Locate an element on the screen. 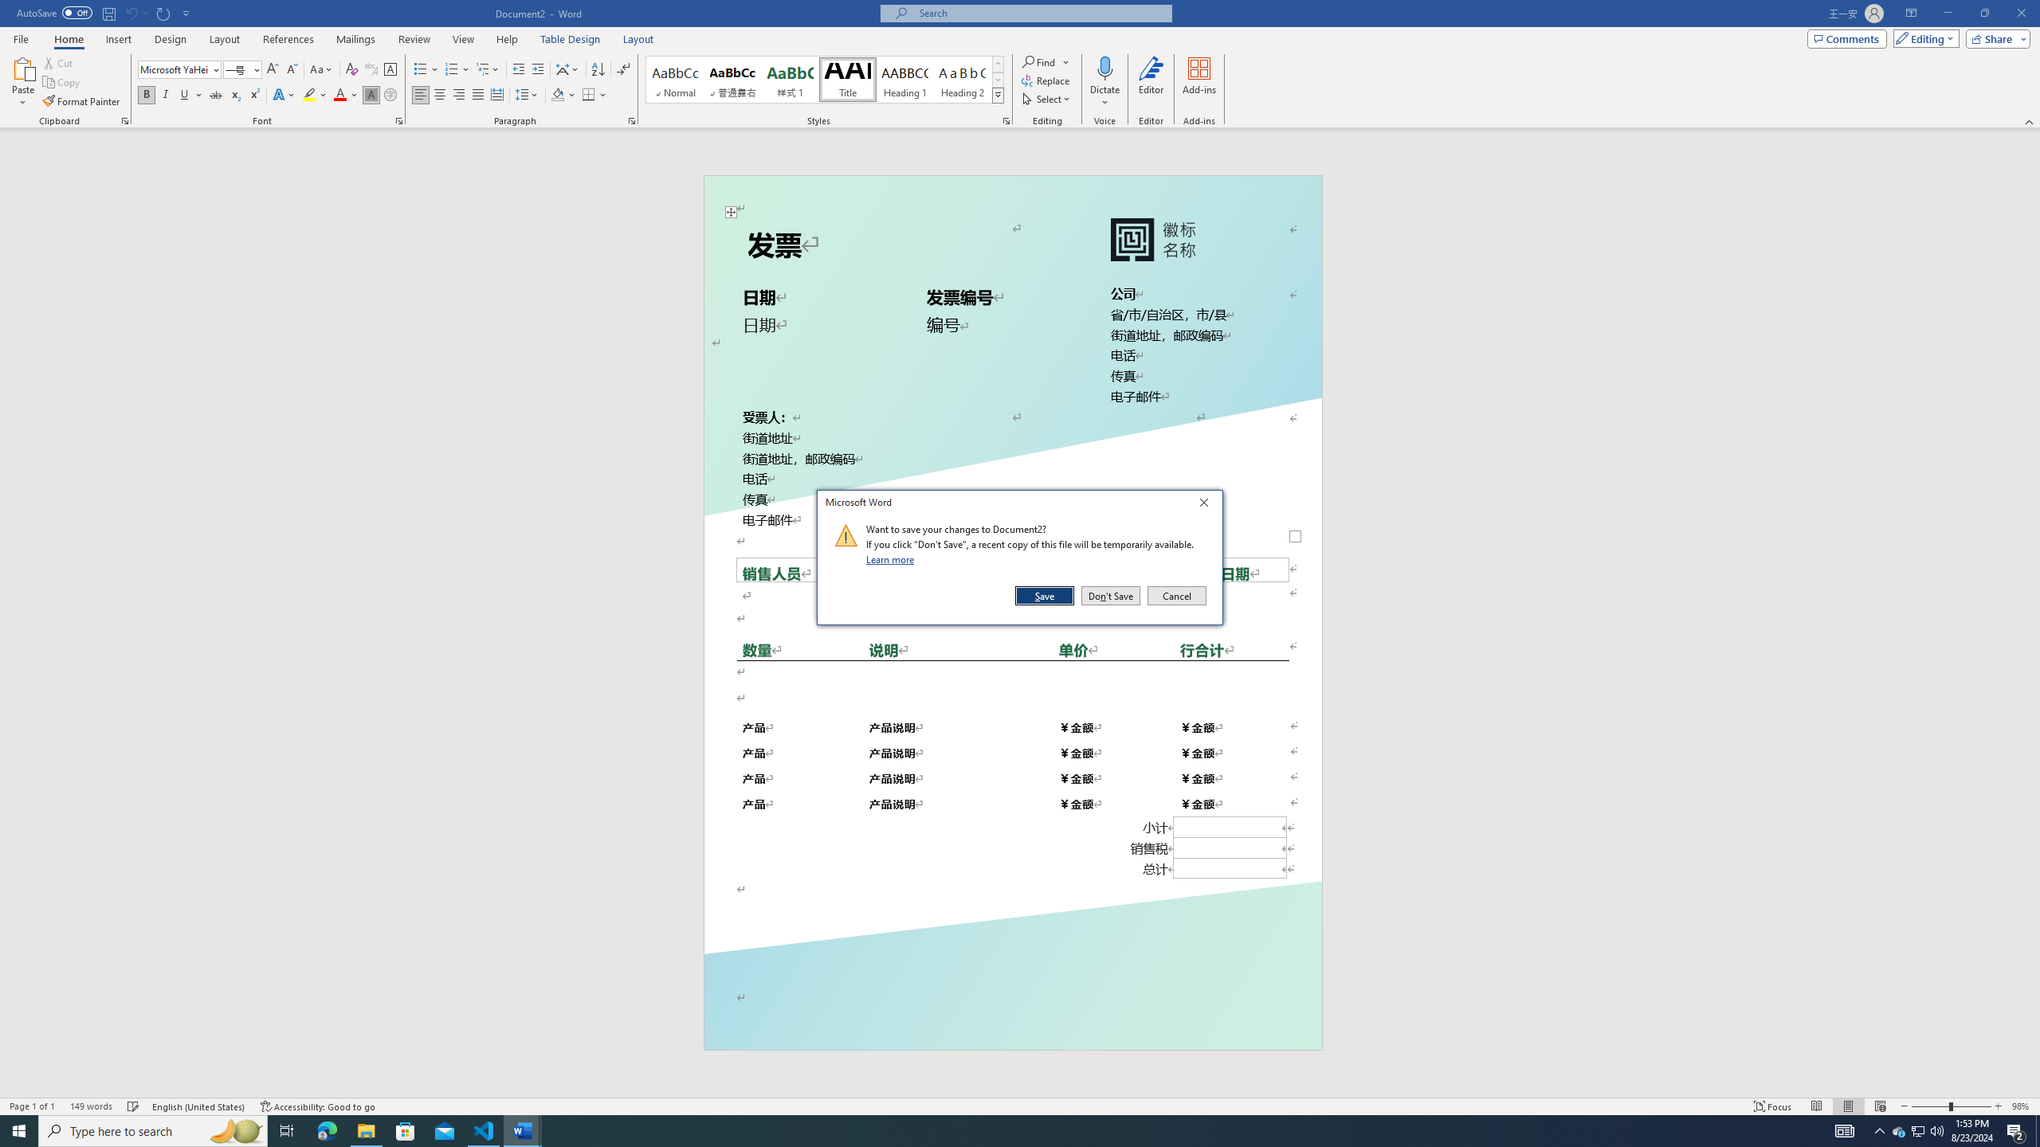  'Underline' is located at coordinates (184, 94).